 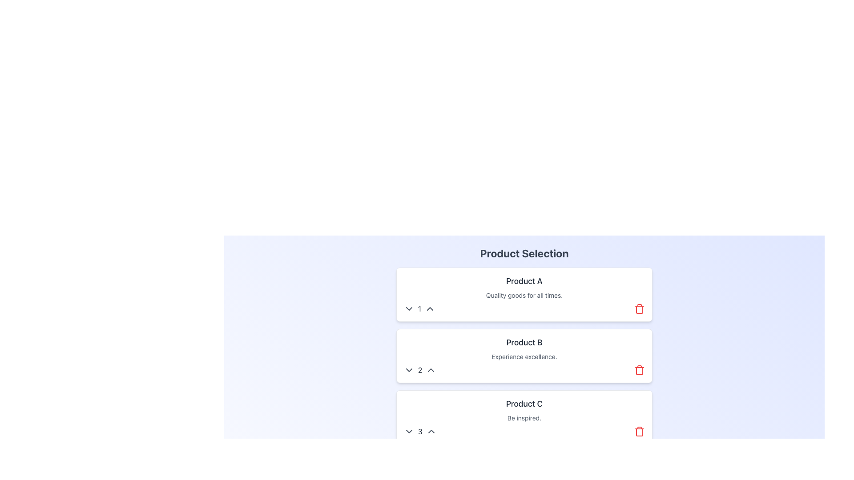 I want to click on the downward-facing gray chevron icon (Dropdown Indicator) located in the third row next to the '3' numeral in the product list interface, so click(x=409, y=431).